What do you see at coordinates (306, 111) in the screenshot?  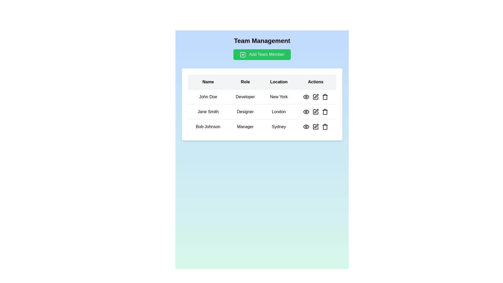 I see `the leftmost action icon in the 'Actions' column, which is a hollow eye contour SVG icon` at bounding box center [306, 111].